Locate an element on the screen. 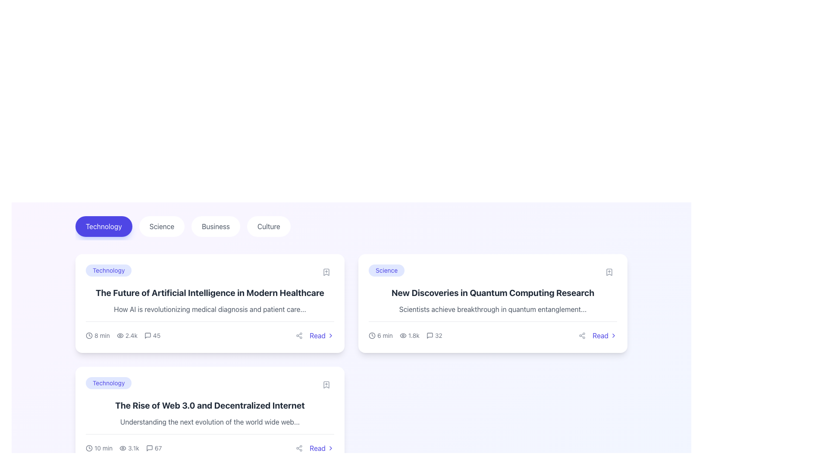 Image resolution: width=828 pixels, height=466 pixels. the clock icon located in the bottom-left section of the card labeled 'The Rise of Web 3.0 and Decentralized Internet', which precedes the '10 min' text is located at coordinates (89, 447).